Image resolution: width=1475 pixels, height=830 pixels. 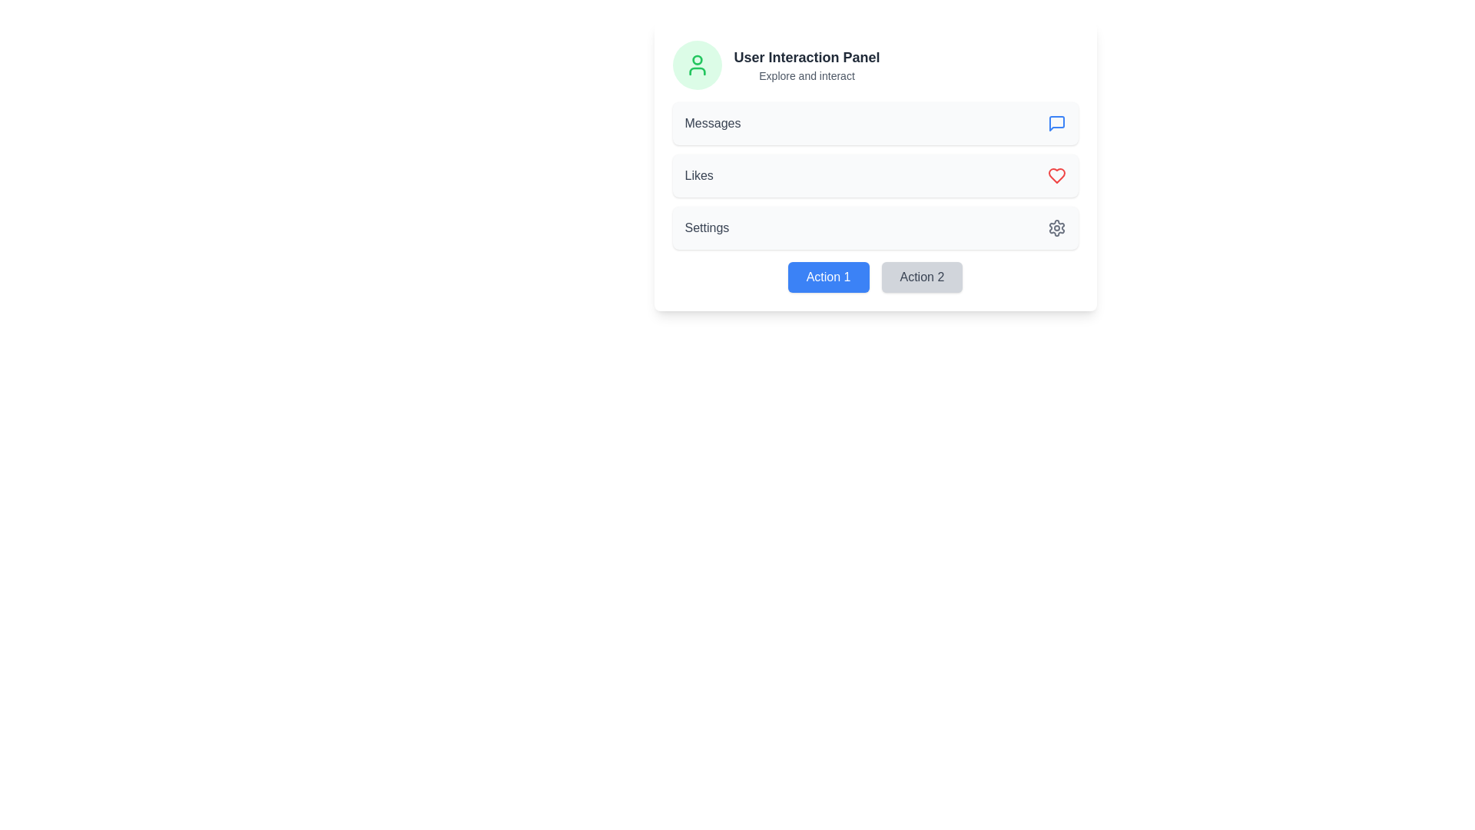 What do you see at coordinates (696, 64) in the screenshot?
I see `the circular green icon with a user profile outline located at the top left corner of the 'User Interaction Panel'` at bounding box center [696, 64].